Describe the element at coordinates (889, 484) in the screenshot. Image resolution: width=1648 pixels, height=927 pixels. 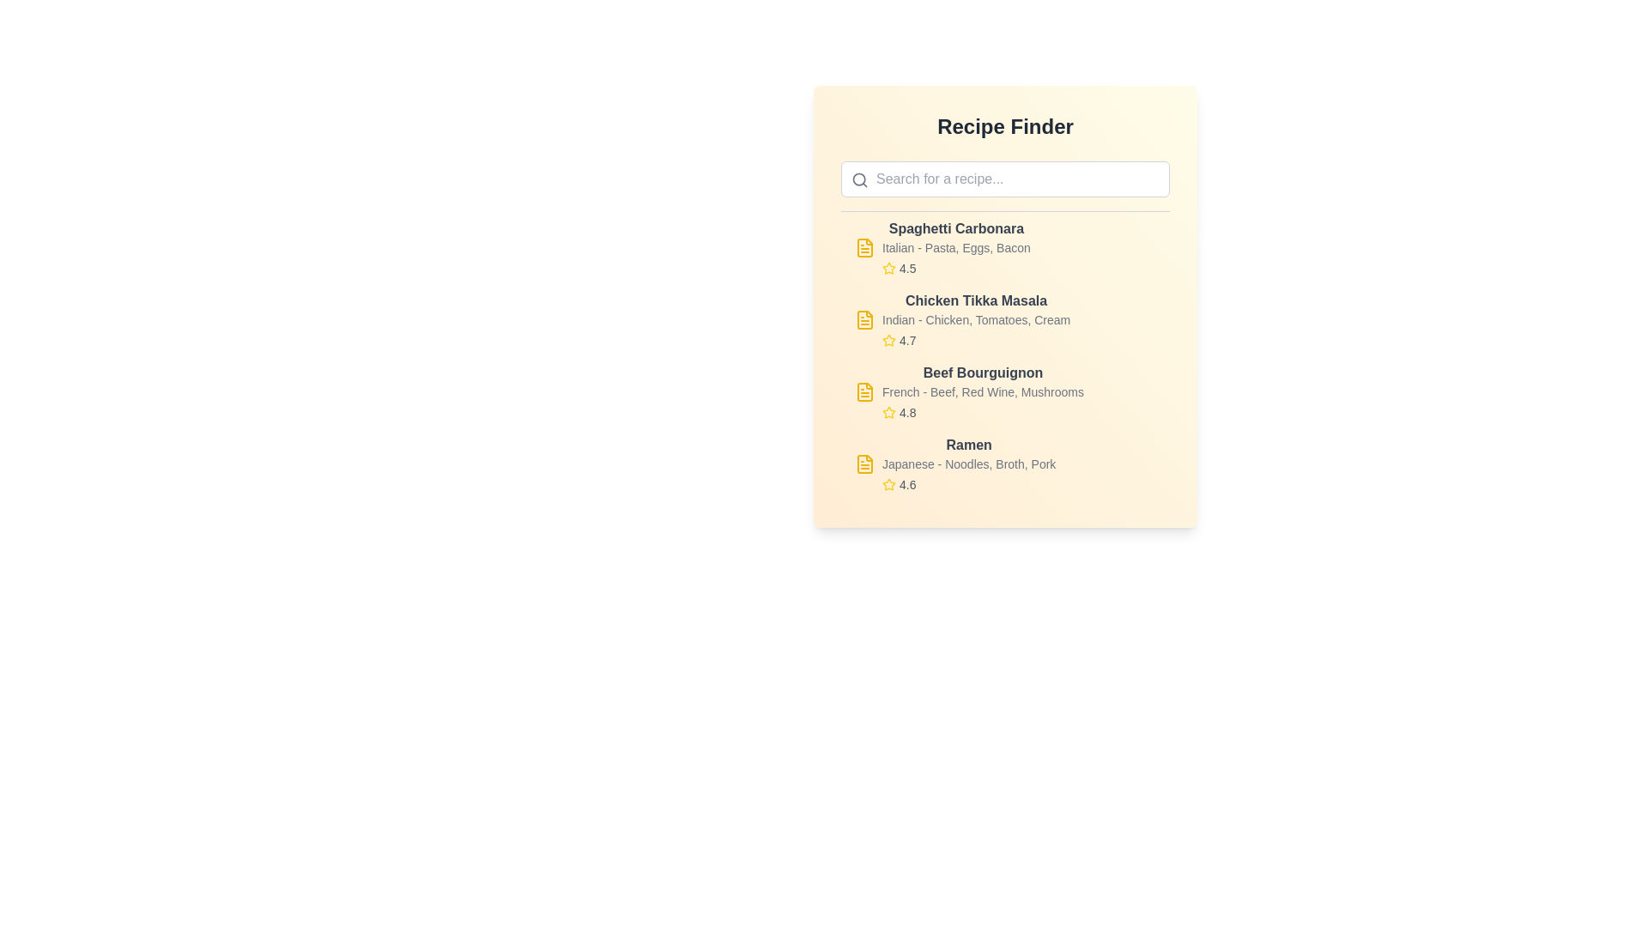
I see `the star icon adjacent to the fourth recipe item 'Ramen' in the list, which indicates the rating of '4.6'` at that location.